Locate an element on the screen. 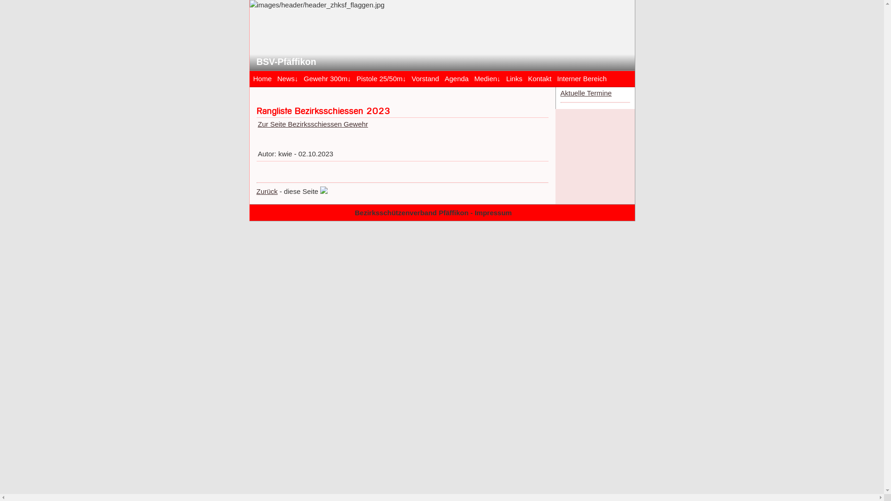 The width and height of the screenshot is (891, 501). 'Agenda' is located at coordinates (441, 77).